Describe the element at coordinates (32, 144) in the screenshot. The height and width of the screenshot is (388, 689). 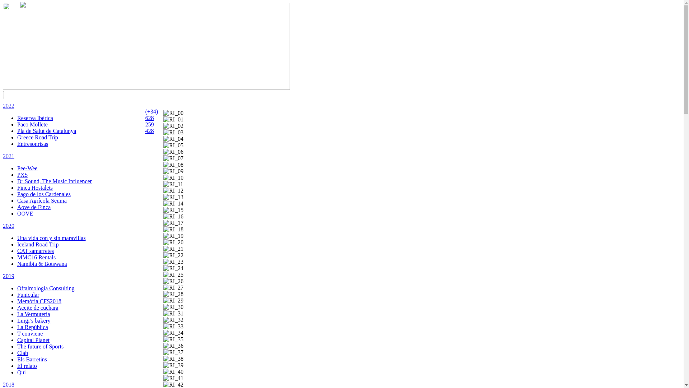
I see `'Entresonrisas'` at that location.